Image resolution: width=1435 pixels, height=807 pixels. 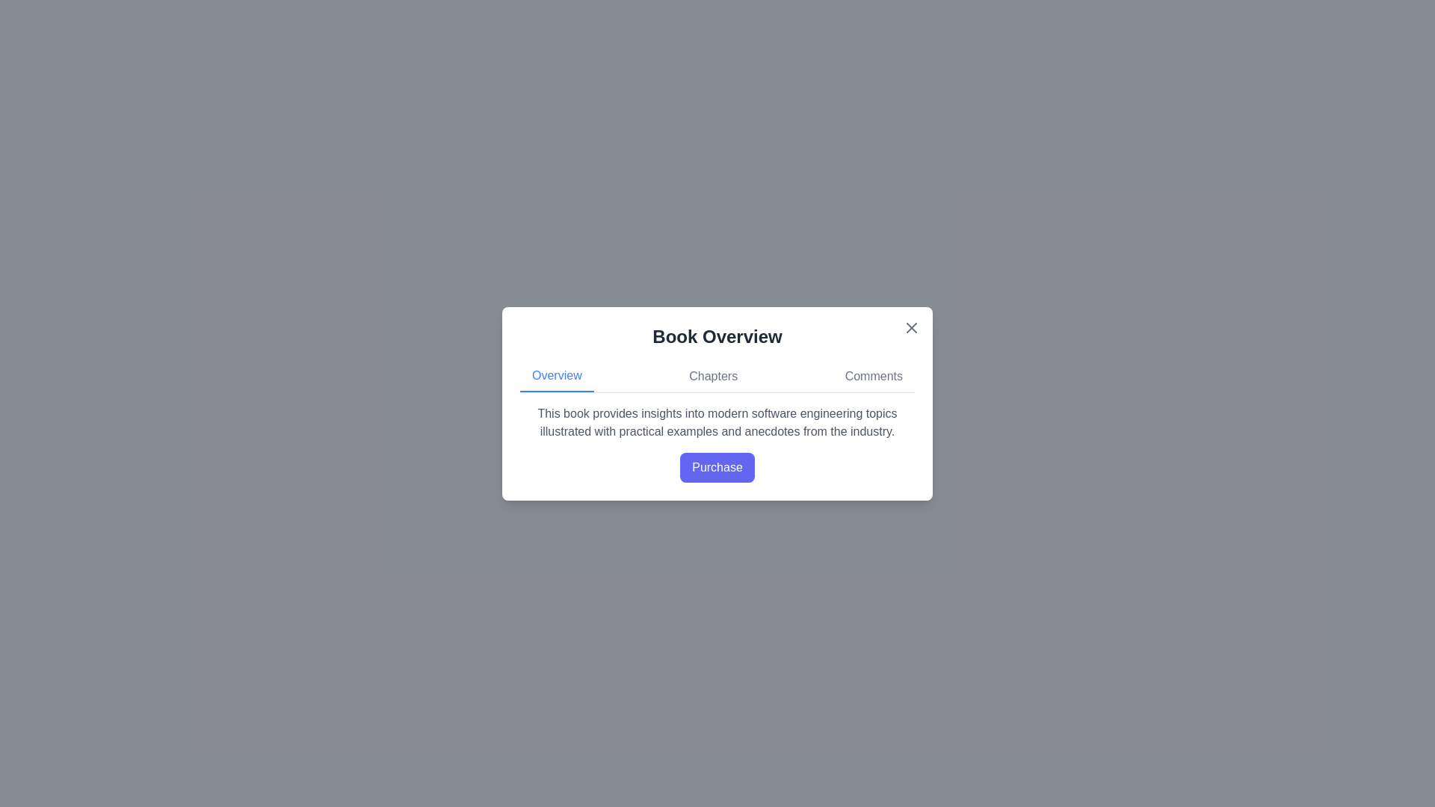 I want to click on the second text label in the header of the dialog box, so click(x=712, y=375).